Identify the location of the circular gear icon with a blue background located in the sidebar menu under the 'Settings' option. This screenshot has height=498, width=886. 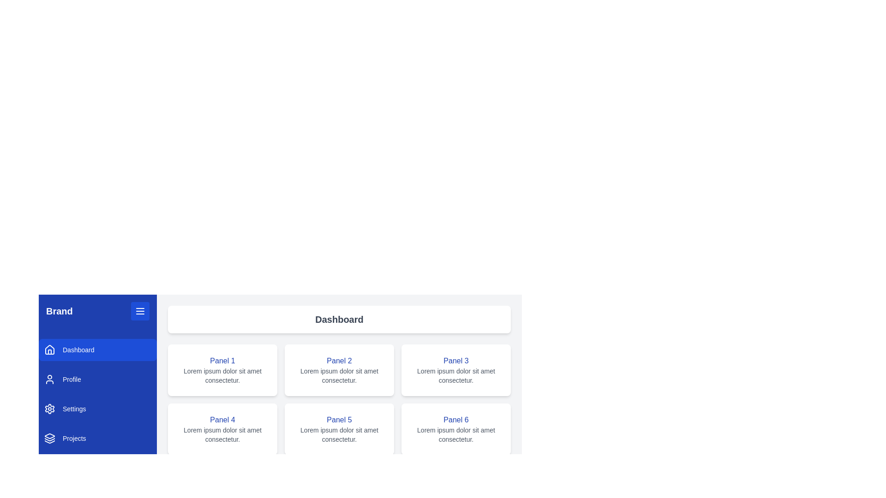
(49, 409).